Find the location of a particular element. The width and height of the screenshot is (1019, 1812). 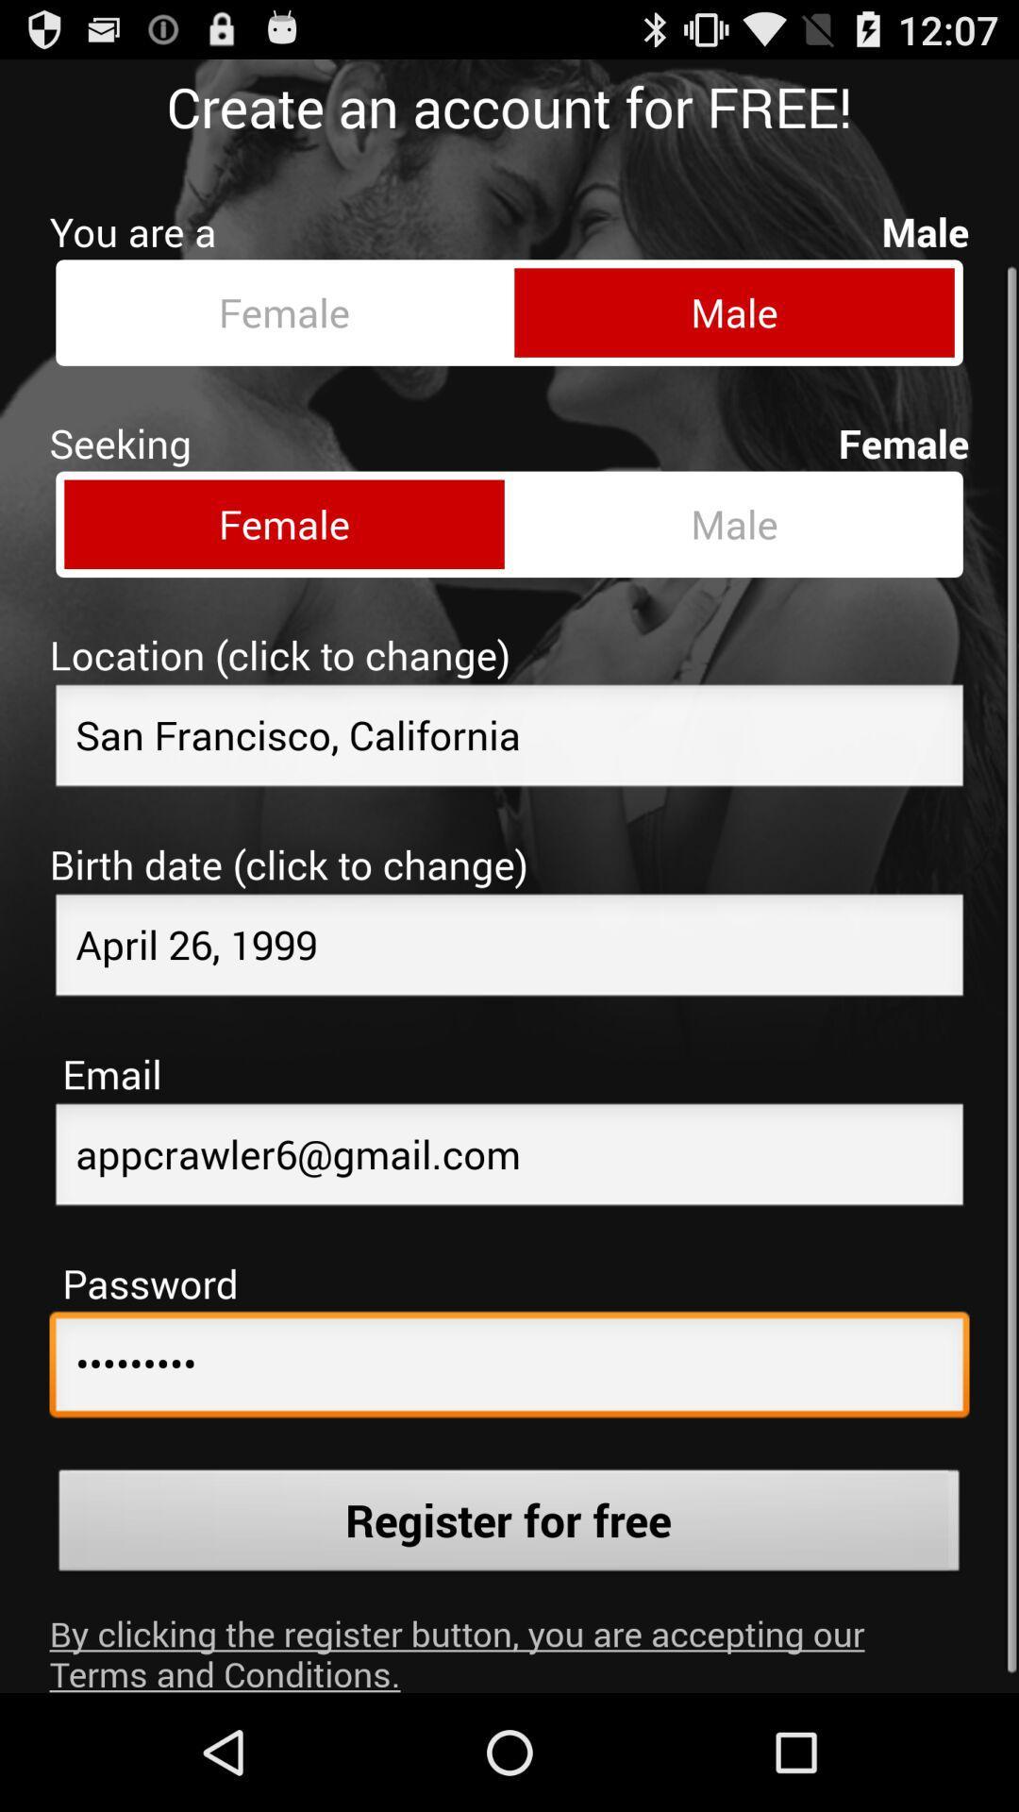

birth date is located at coordinates (509, 933).